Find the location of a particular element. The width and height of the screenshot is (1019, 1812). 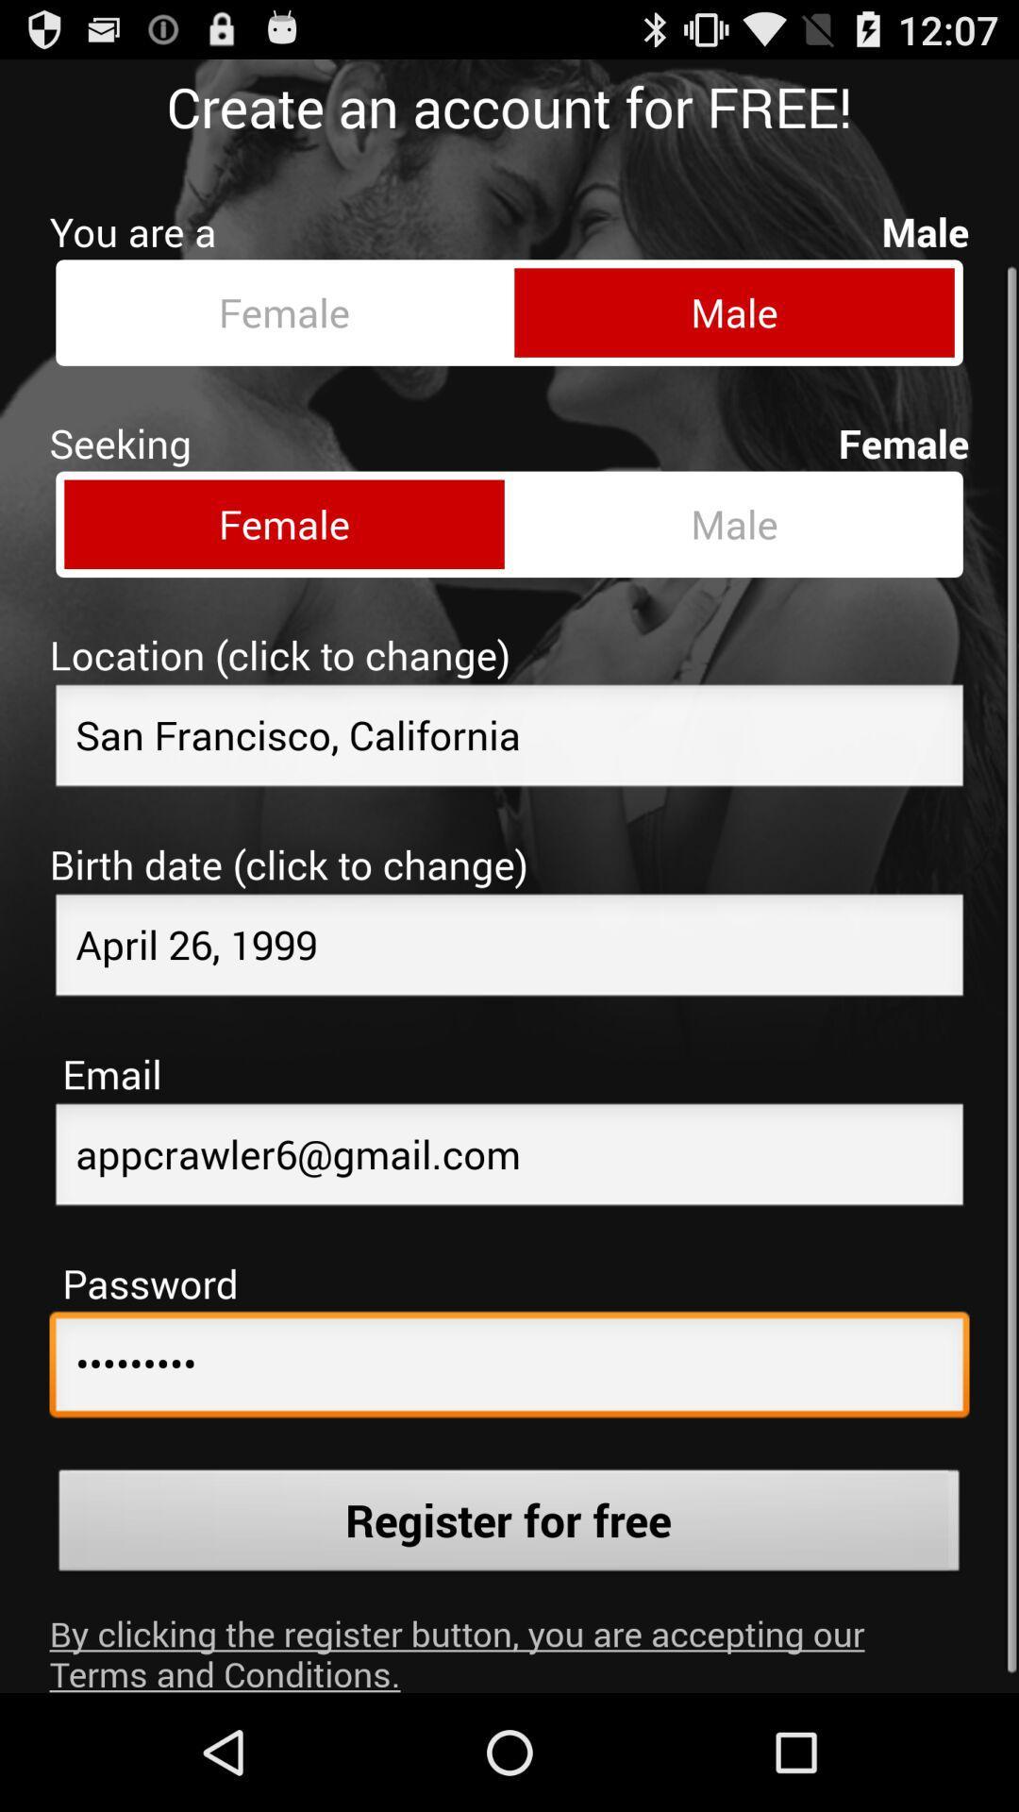

birth date is located at coordinates (509, 933).